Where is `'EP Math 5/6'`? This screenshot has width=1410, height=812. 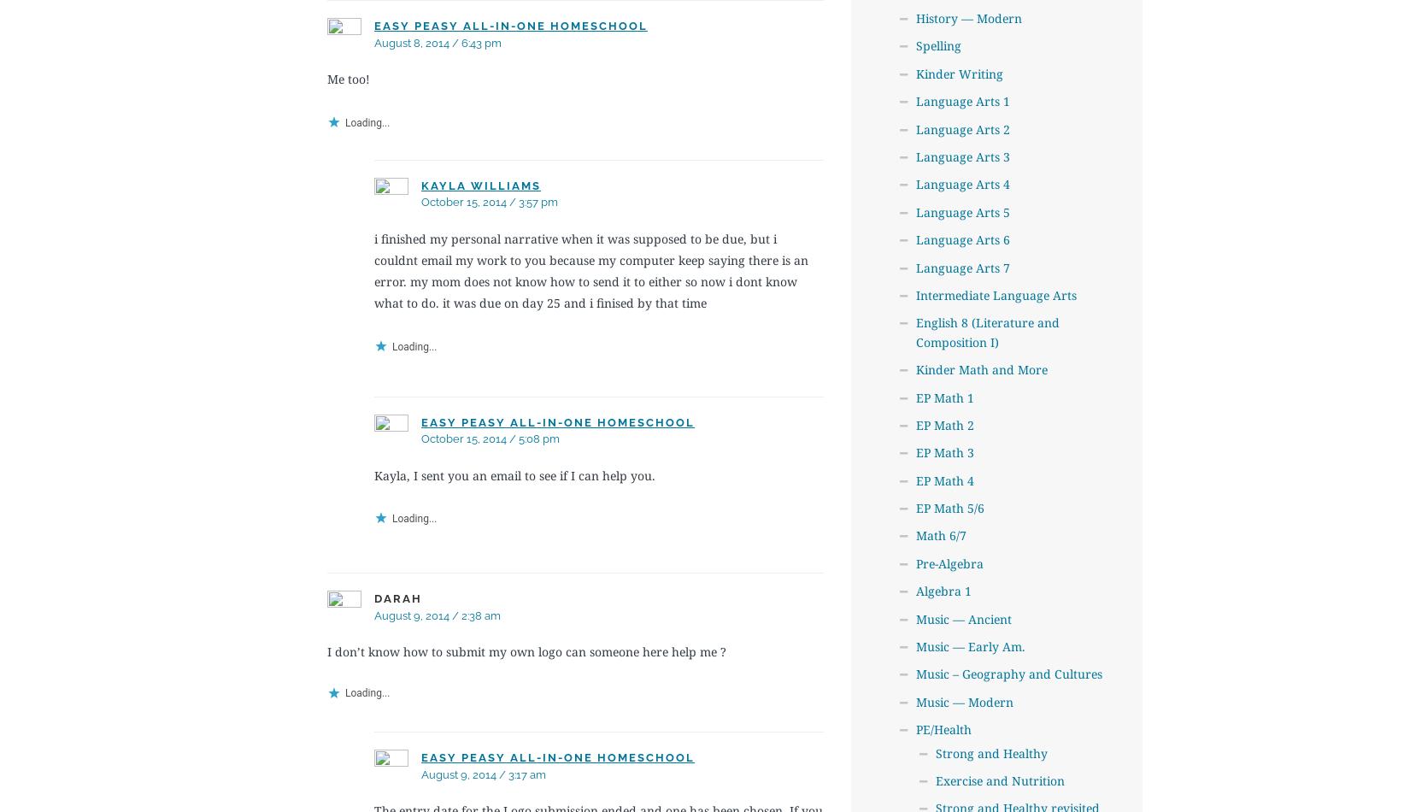 'EP Math 5/6' is located at coordinates (949, 508).